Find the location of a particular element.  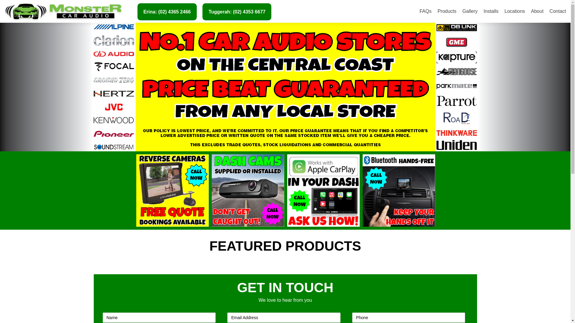

'About' is located at coordinates (537, 11).